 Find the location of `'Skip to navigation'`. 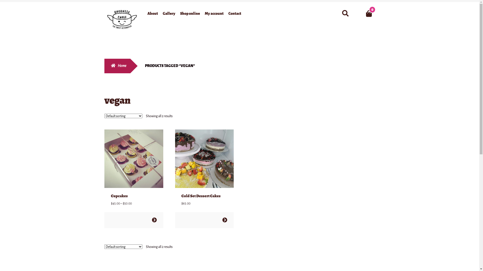

'Skip to navigation' is located at coordinates (104, 8).